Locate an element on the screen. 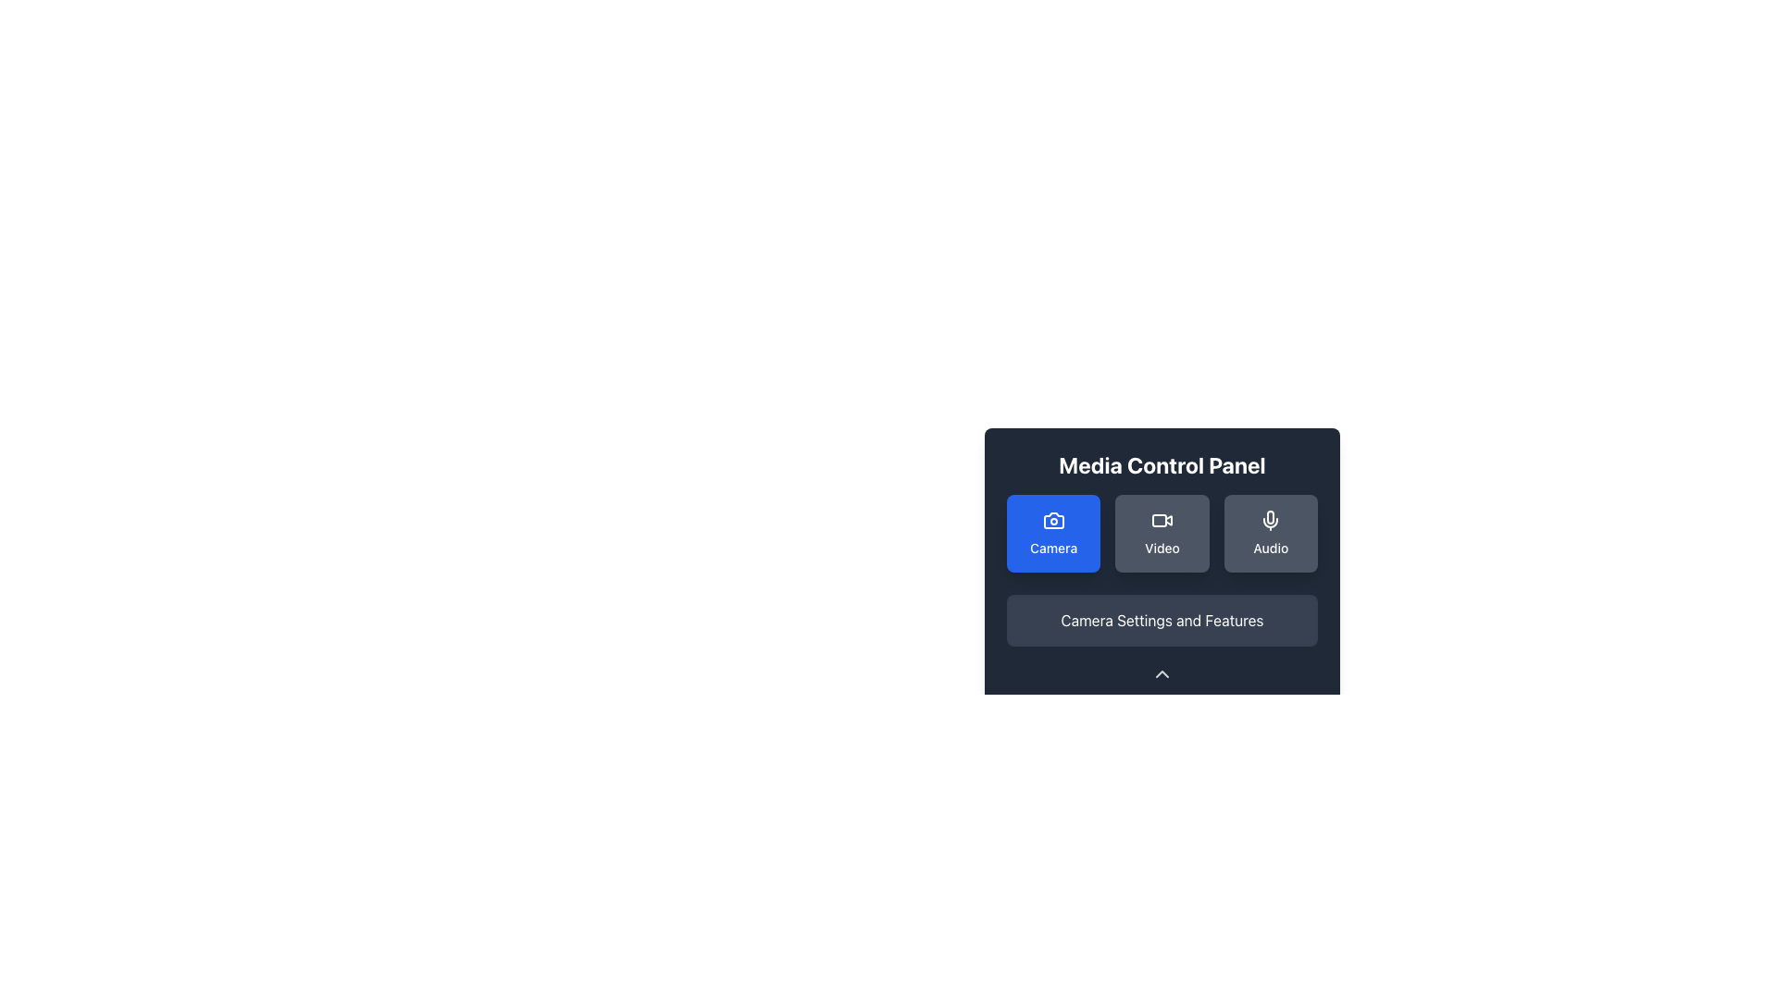  the first button in the Media Control Panel is located at coordinates (1053, 534).